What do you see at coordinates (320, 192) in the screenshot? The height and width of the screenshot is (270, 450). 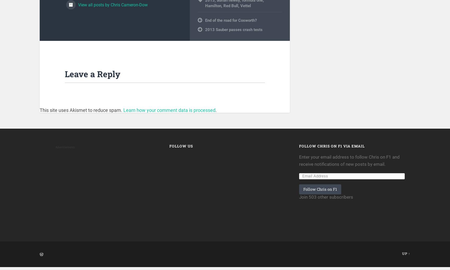 I see `'Follow Chris on F1'` at bounding box center [320, 192].